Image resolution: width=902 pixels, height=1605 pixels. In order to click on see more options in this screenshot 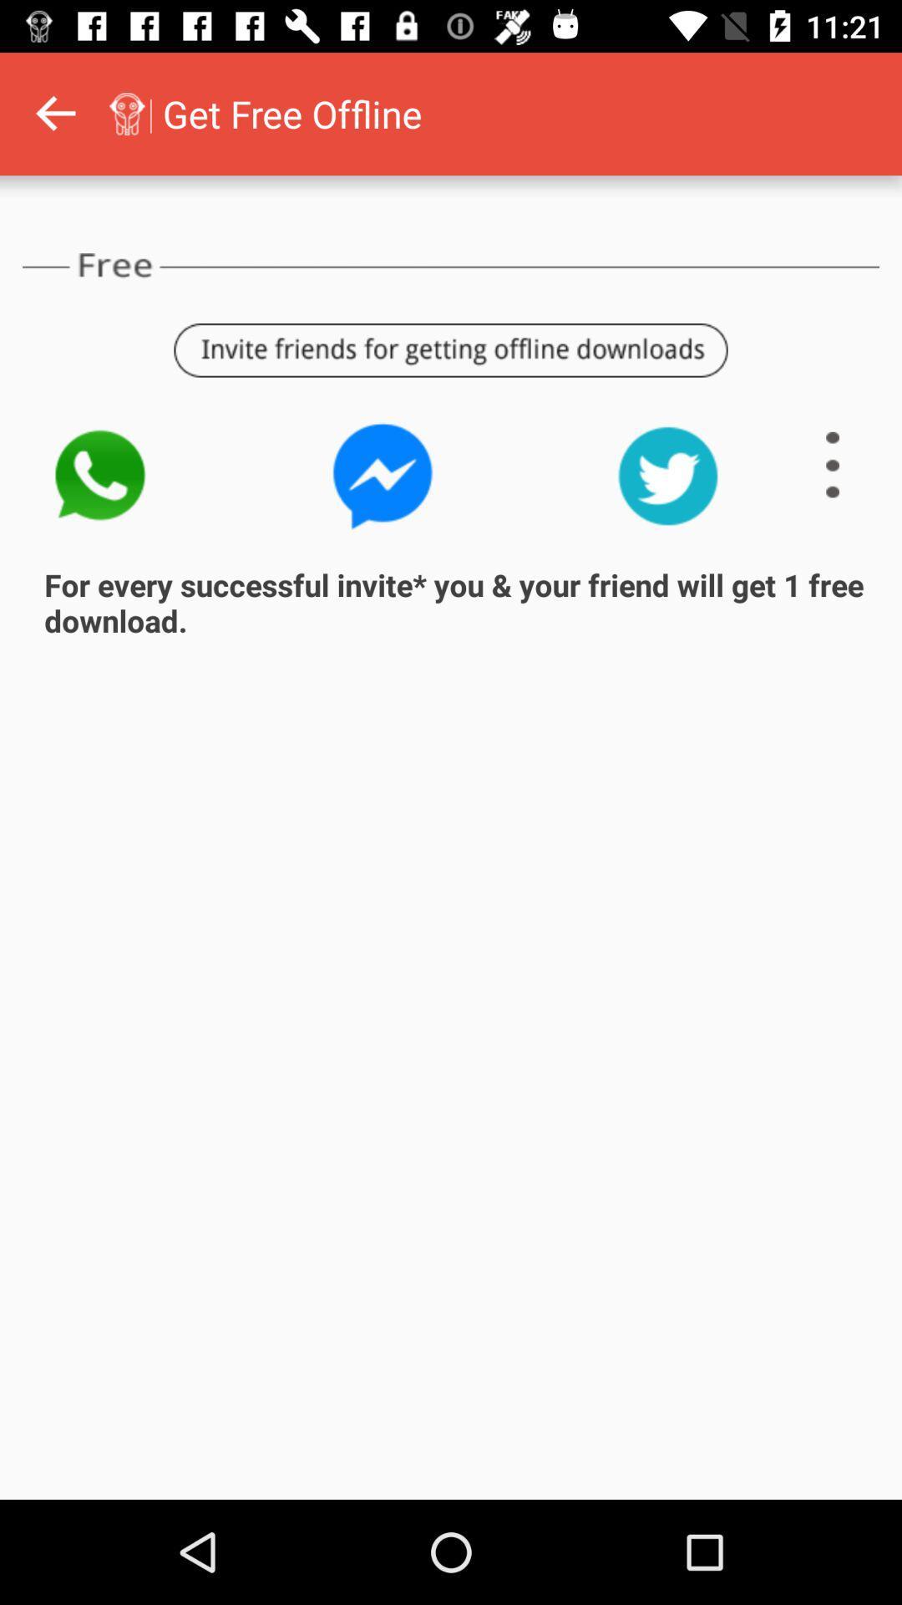, I will do `click(833, 465)`.